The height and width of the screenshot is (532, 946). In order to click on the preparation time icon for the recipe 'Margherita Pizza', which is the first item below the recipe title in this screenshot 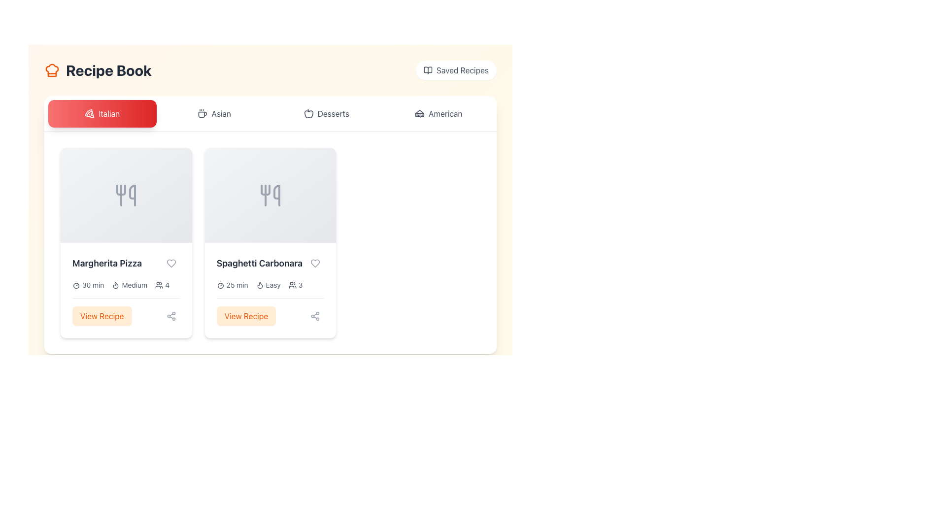, I will do `click(88, 285)`.